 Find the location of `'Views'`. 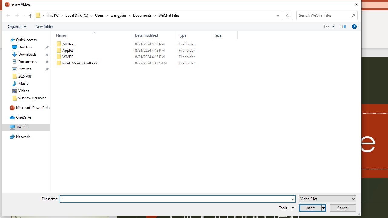

'Views' is located at coordinates (330, 26).